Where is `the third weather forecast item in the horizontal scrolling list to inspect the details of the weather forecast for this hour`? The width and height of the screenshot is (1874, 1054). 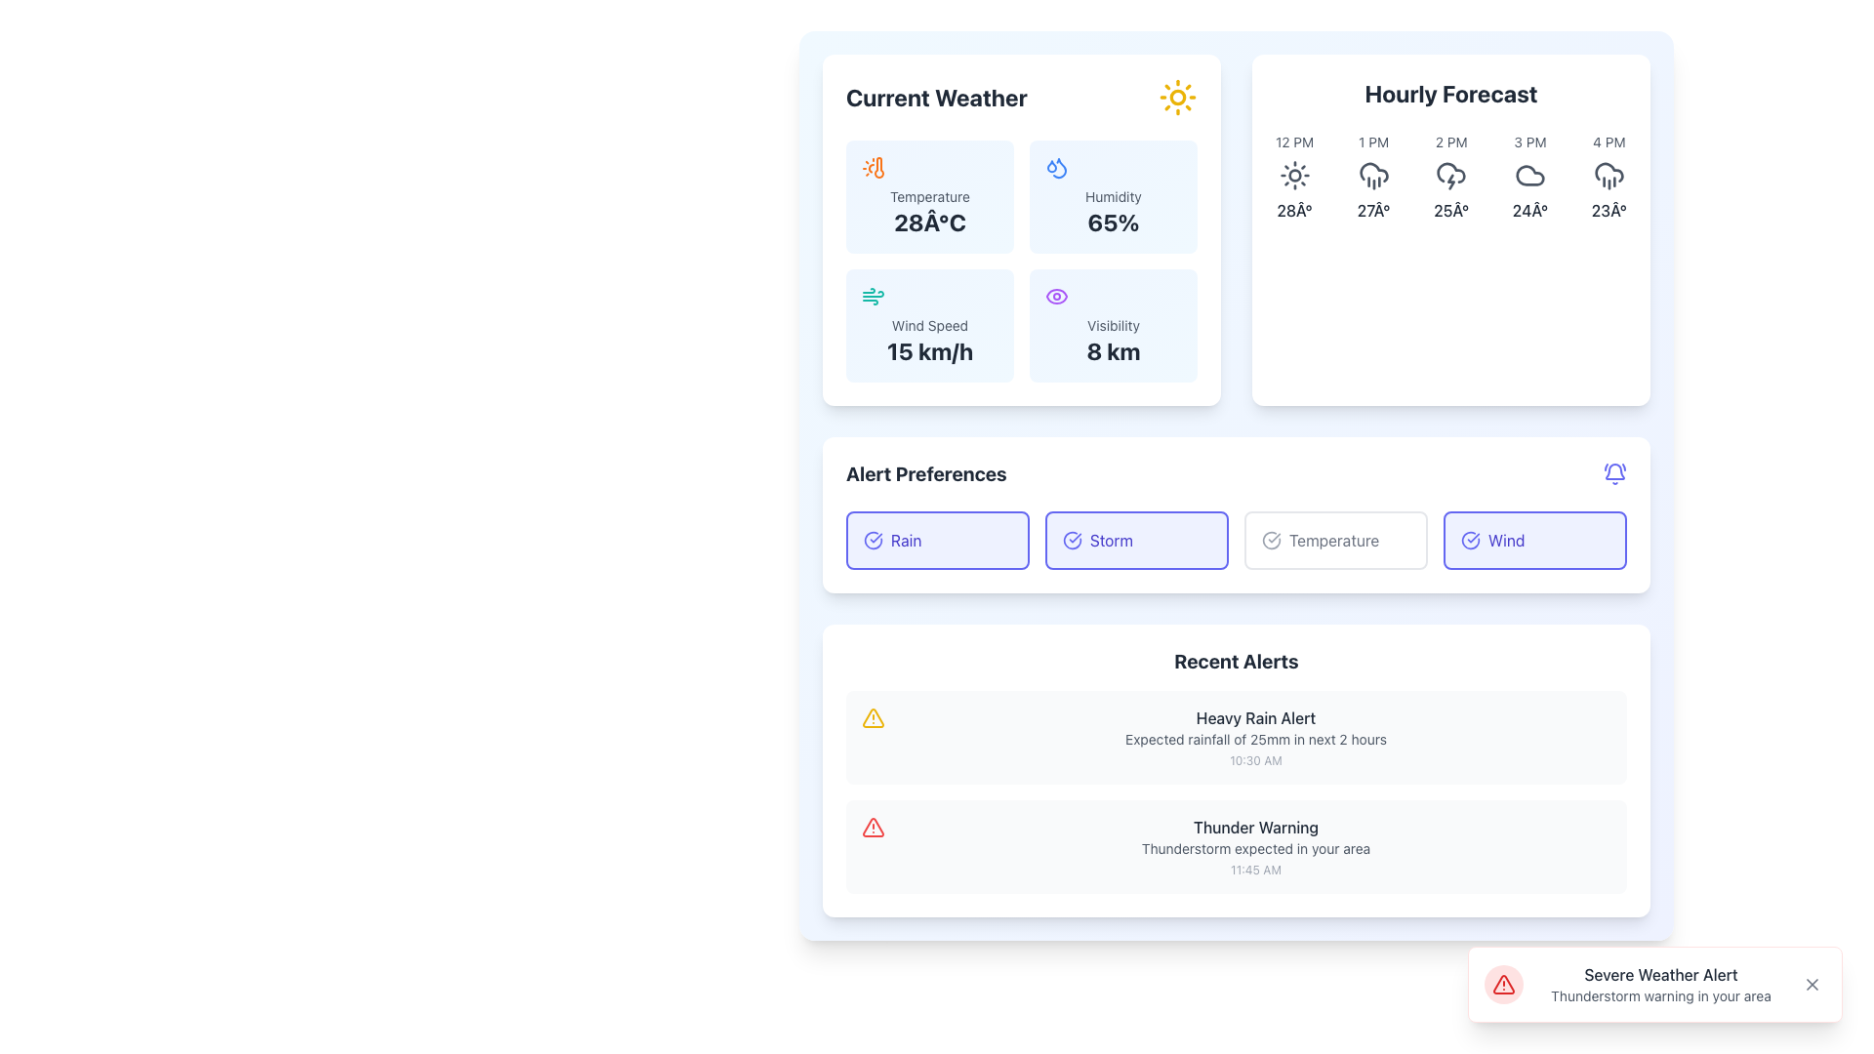 the third weather forecast item in the horizontal scrolling list to inspect the details of the weather forecast for this hour is located at coordinates (1451, 177).